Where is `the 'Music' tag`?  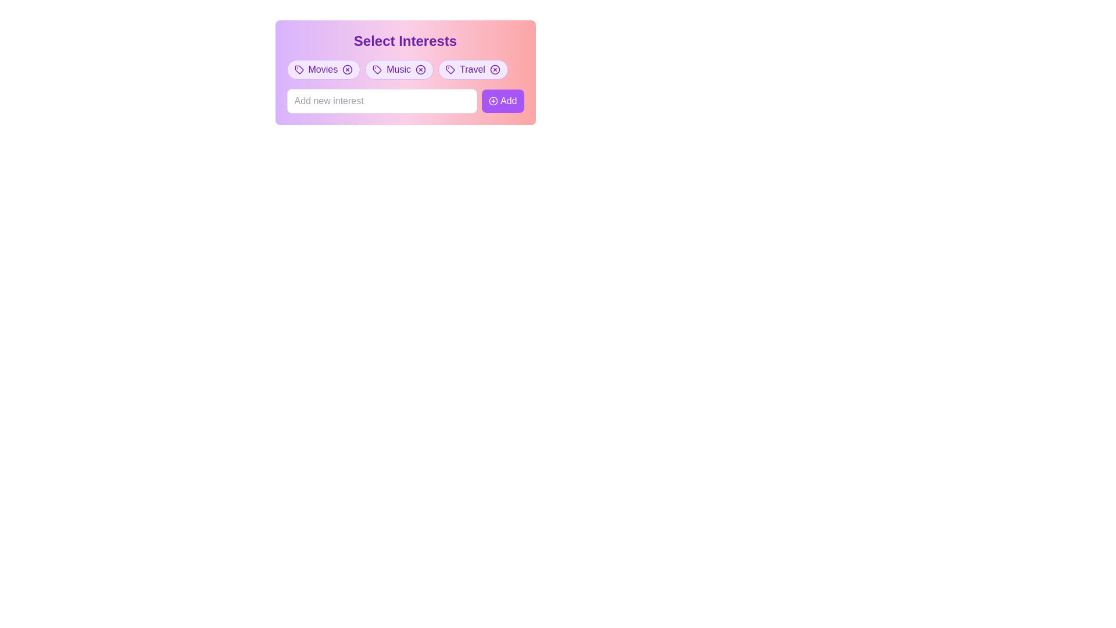 the 'Music' tag is located at coordinates (405, 72).